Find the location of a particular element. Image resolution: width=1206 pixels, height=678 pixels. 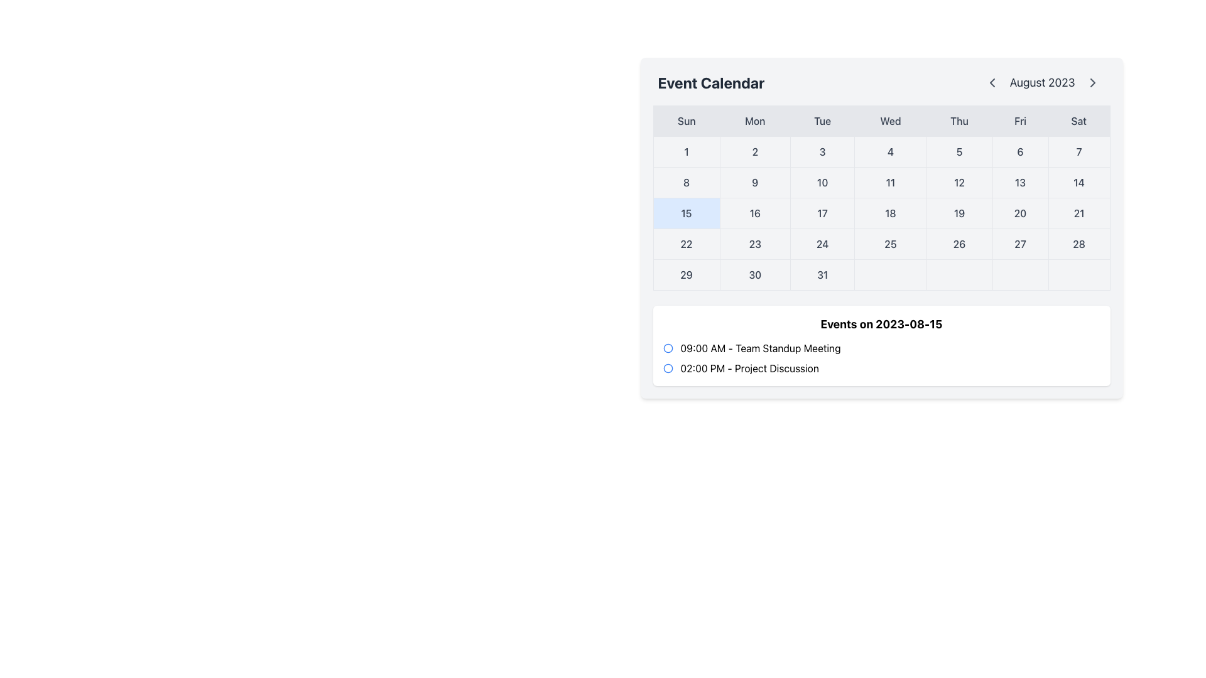

the left-pointing chevron arrow icon located on the left side of the 'August 2023' text in the header of the calendar widget is located at coordinates (991, 82).